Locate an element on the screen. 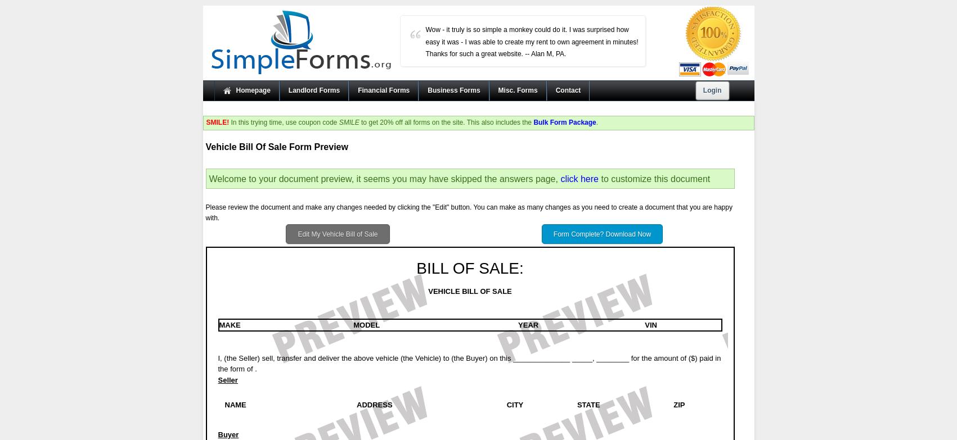 This screenshot has width=957, height=440. 'VEHICLE BILL OF SALE' is located at coordinates (470, 291).